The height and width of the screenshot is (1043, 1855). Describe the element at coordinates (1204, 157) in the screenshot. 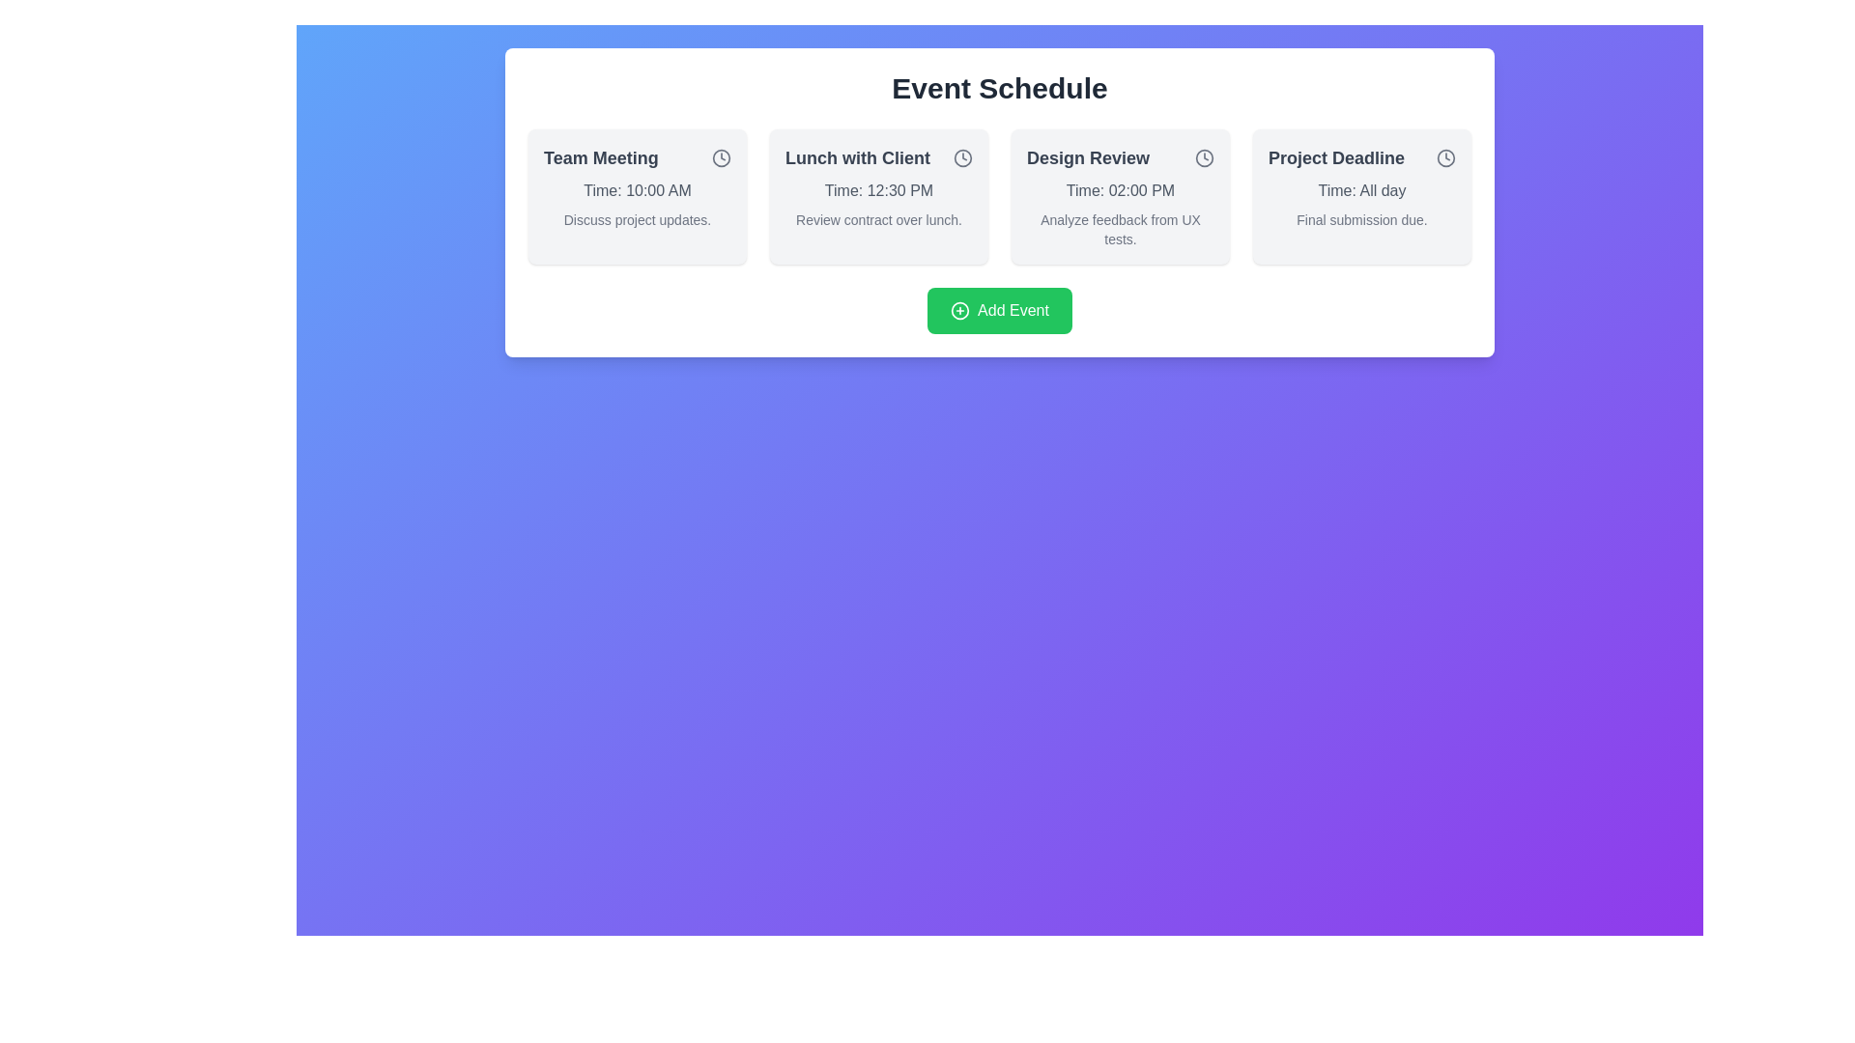

I see `the SVG circle representing the clock icon located at the top-right corner of the 'Design Review' event card by clicking on it` at that location.